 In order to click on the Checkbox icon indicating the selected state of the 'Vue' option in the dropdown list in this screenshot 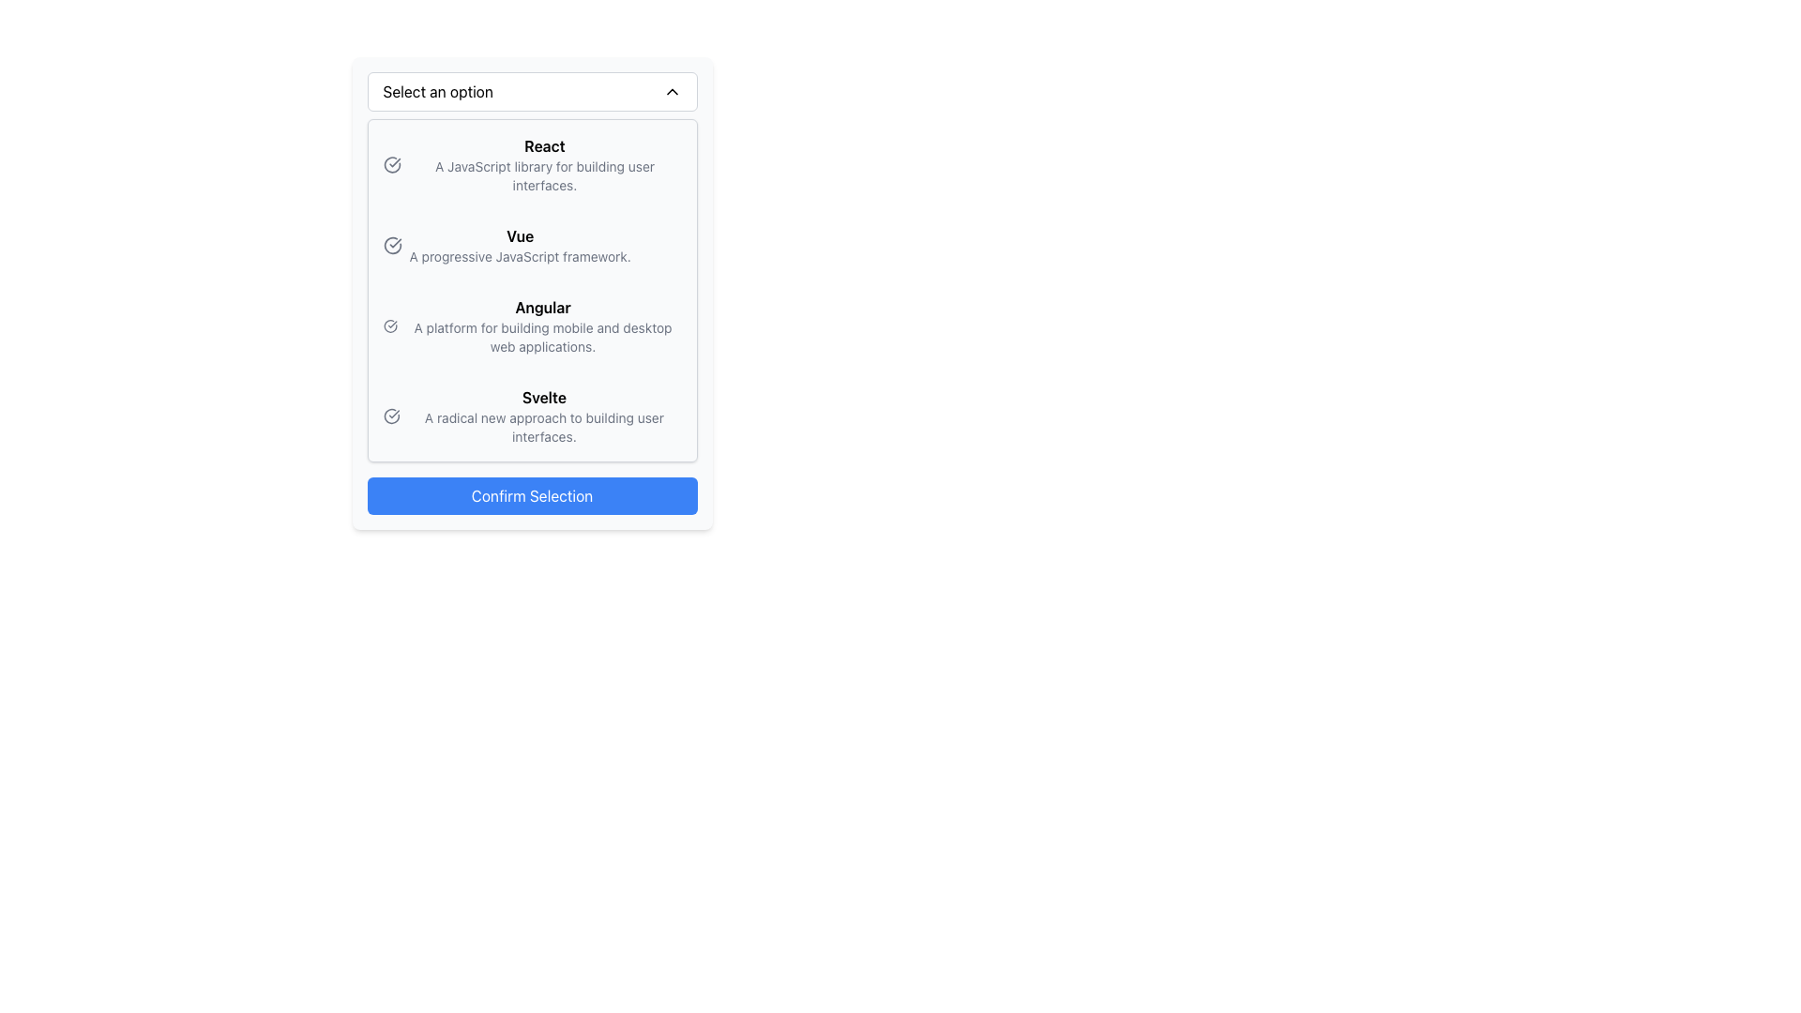, I will do `click(391, 245)`.